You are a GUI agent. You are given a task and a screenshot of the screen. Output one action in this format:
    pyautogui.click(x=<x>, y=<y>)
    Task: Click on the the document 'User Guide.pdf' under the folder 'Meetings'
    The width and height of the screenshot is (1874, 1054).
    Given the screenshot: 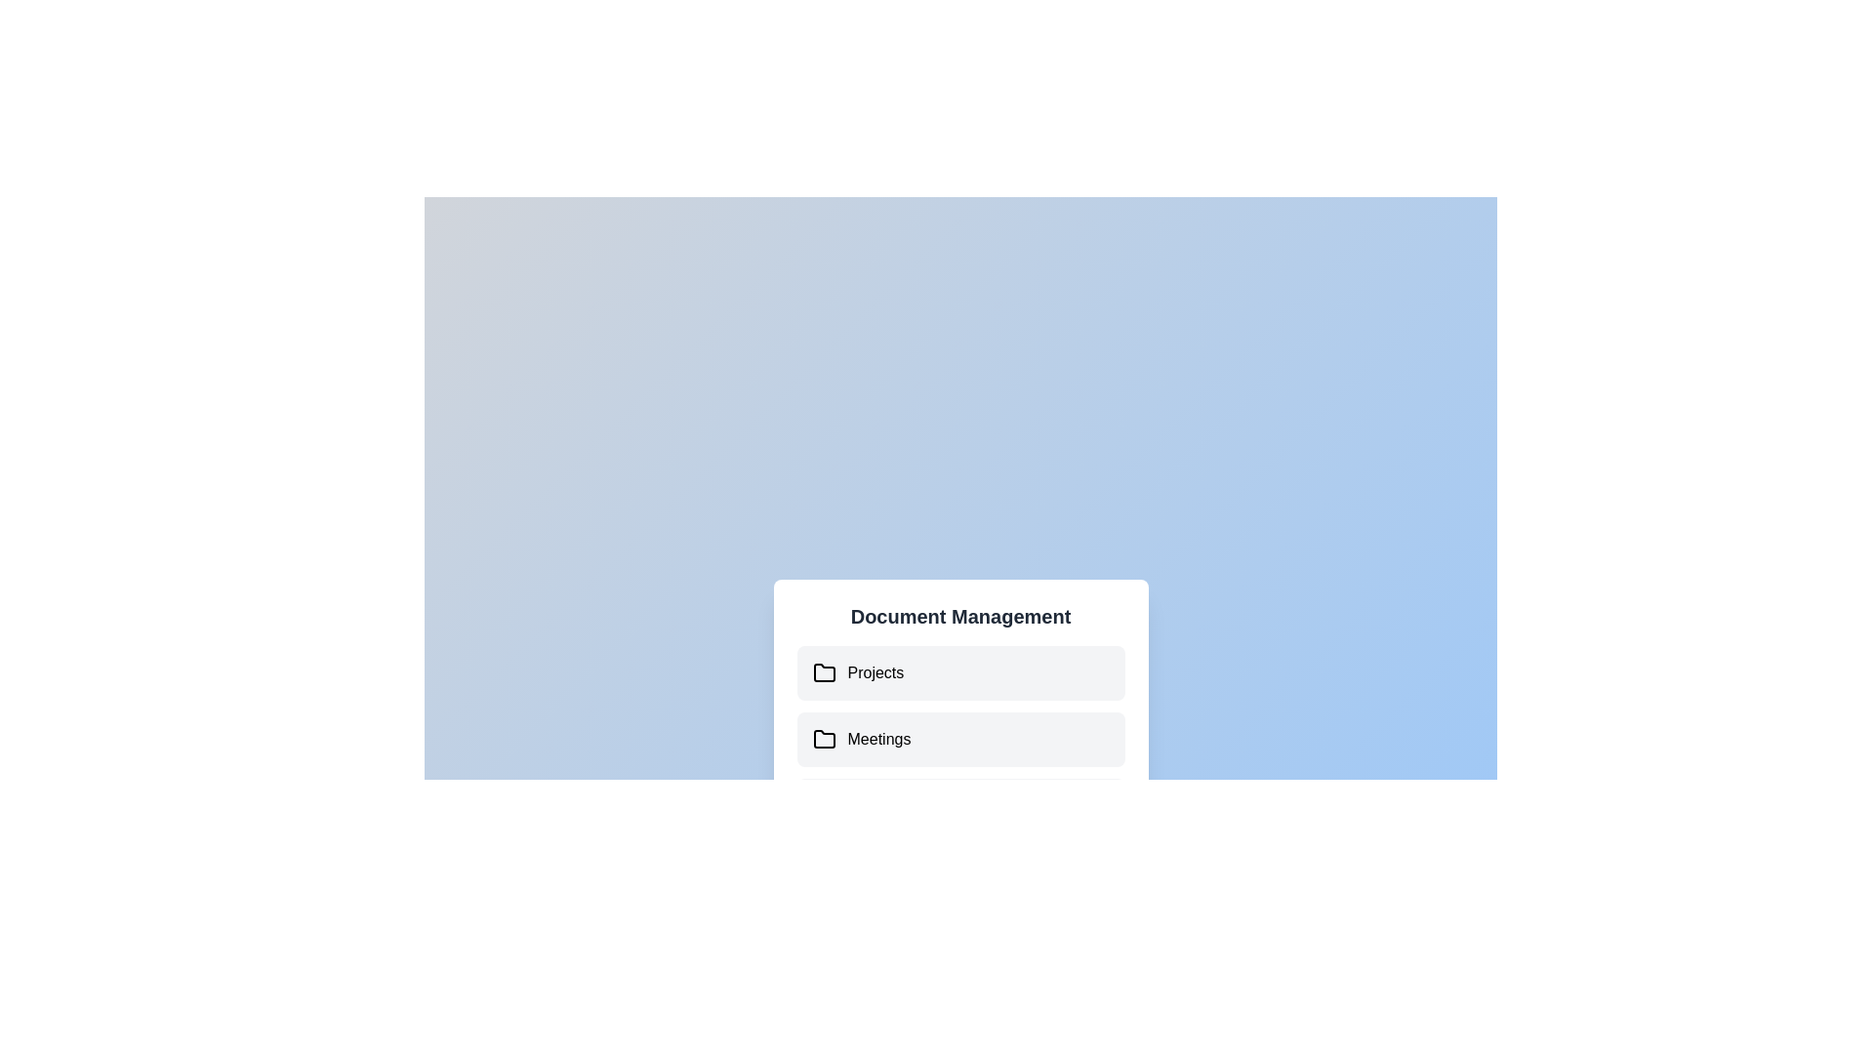 What is the action you would take?
    pyautogui.click(x=960, y=740)
    